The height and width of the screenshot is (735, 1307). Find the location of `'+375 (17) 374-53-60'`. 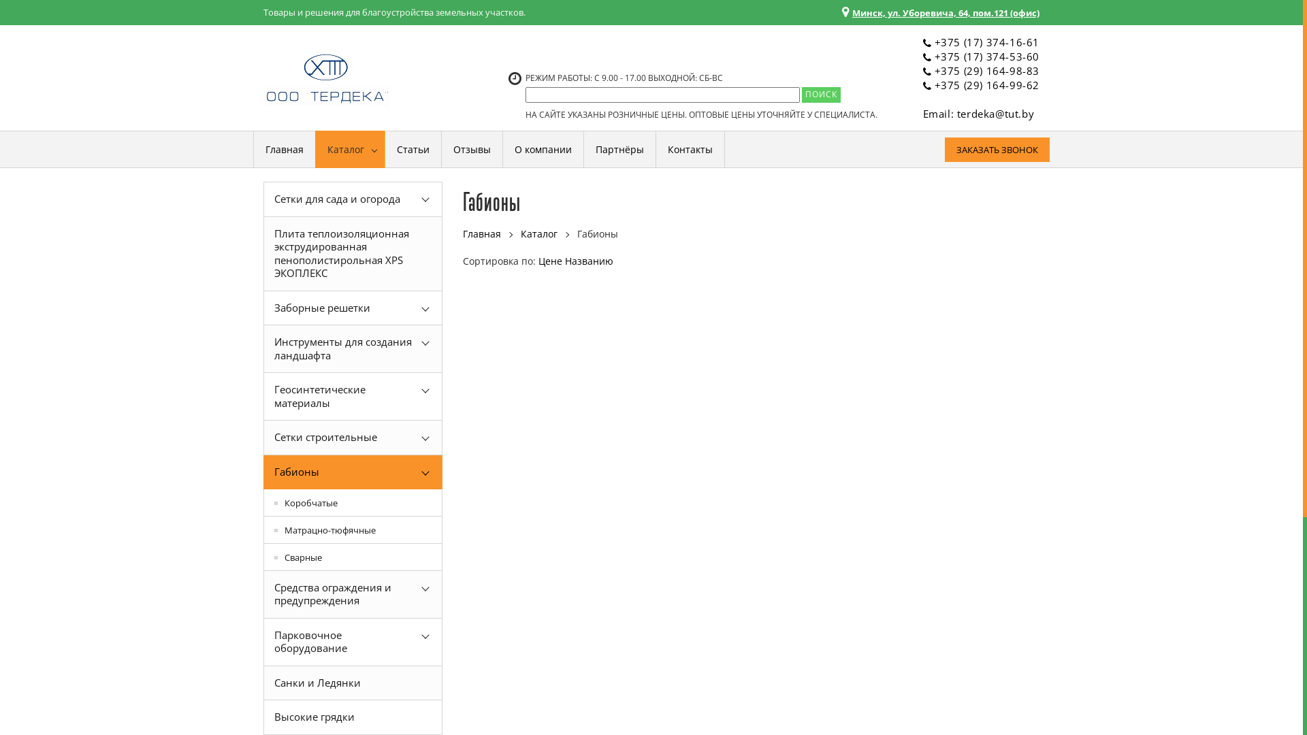

'+375 (17) 374-53-60' is located at coordinates (933, 56).